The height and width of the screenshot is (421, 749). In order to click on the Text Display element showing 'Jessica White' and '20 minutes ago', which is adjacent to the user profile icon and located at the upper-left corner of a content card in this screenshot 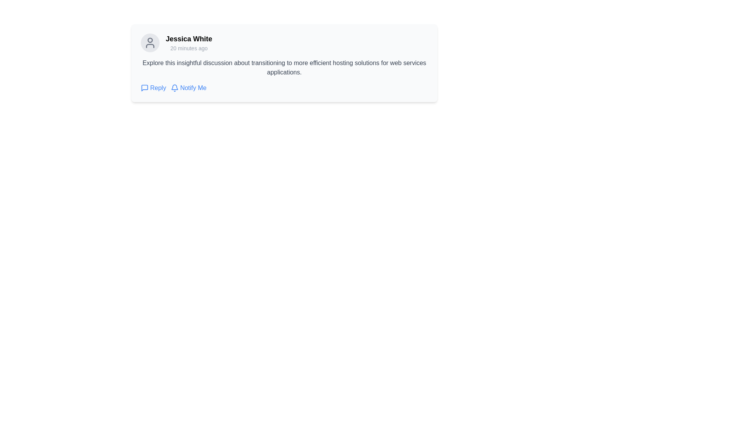, I will do `click(189, 43)`.